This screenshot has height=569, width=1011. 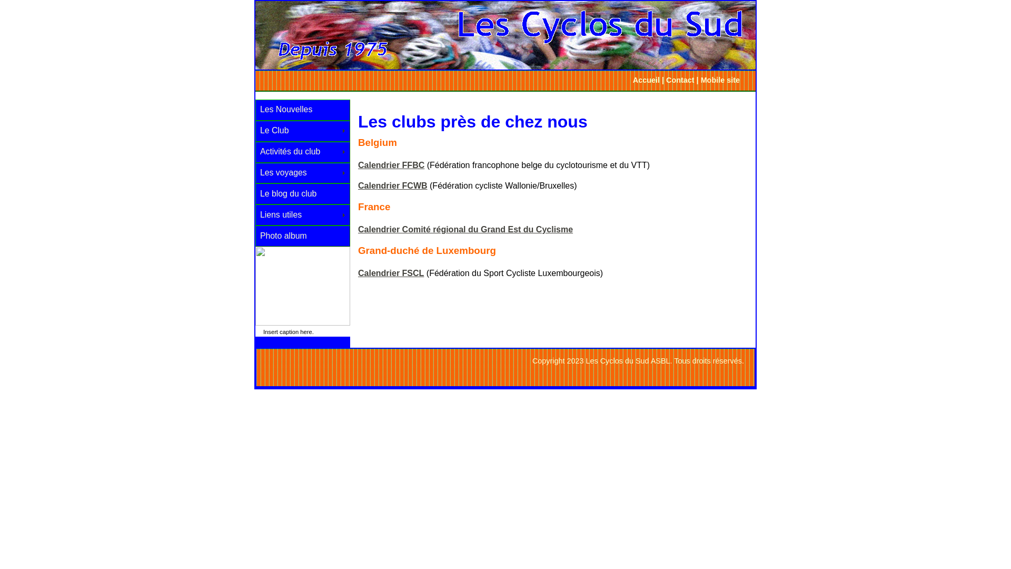 I want to click on 'Les voyages', so click(x=302, y=172).